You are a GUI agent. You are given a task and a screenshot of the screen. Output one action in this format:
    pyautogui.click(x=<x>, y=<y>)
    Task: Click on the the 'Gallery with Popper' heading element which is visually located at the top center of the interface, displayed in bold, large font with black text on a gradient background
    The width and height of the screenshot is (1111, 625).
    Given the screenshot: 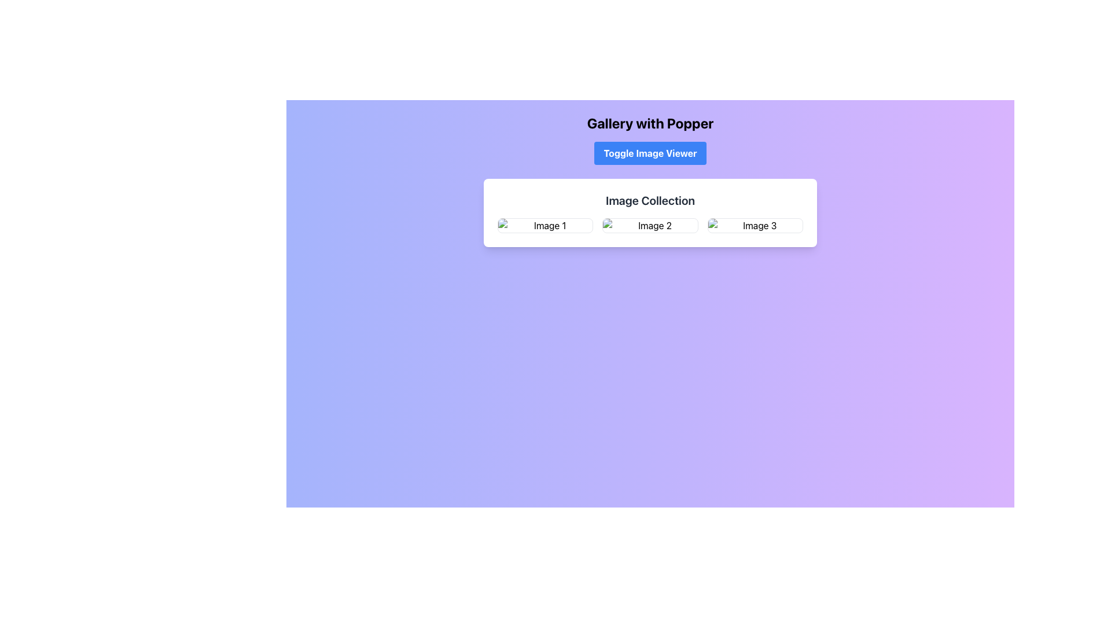 What is the action you would take?
    pyautogui.click(x=650, y=123)
    